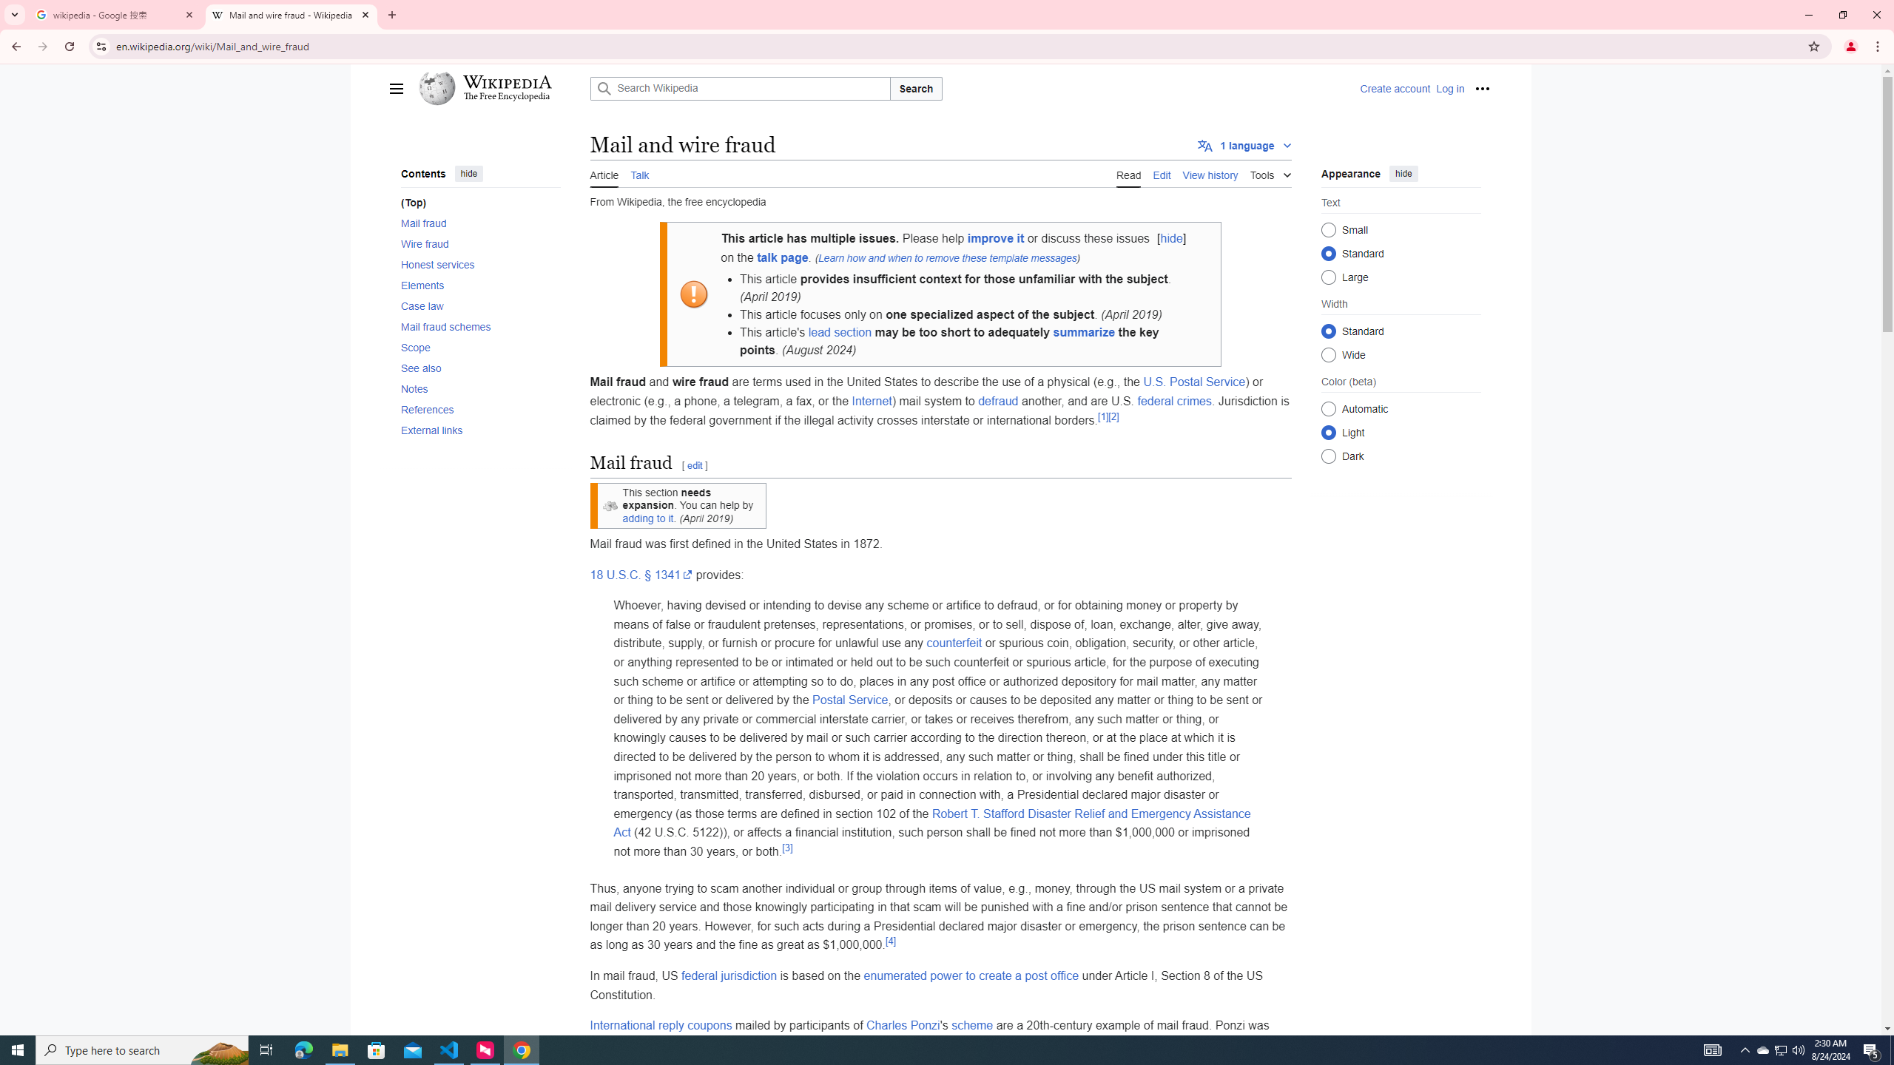 This screenshot has width=1894, height=1065. Describe the element at coordinates (1103, 416) in the screenshot. I see `'[1]'` at that location.